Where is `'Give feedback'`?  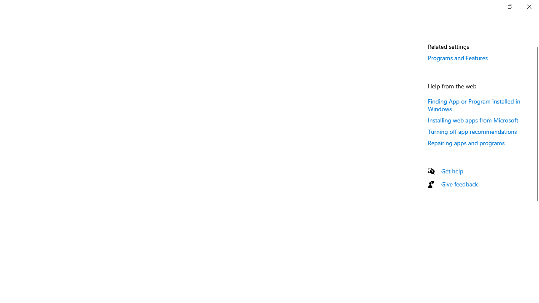
'Give feedback' is located at coordinates (459, 183).